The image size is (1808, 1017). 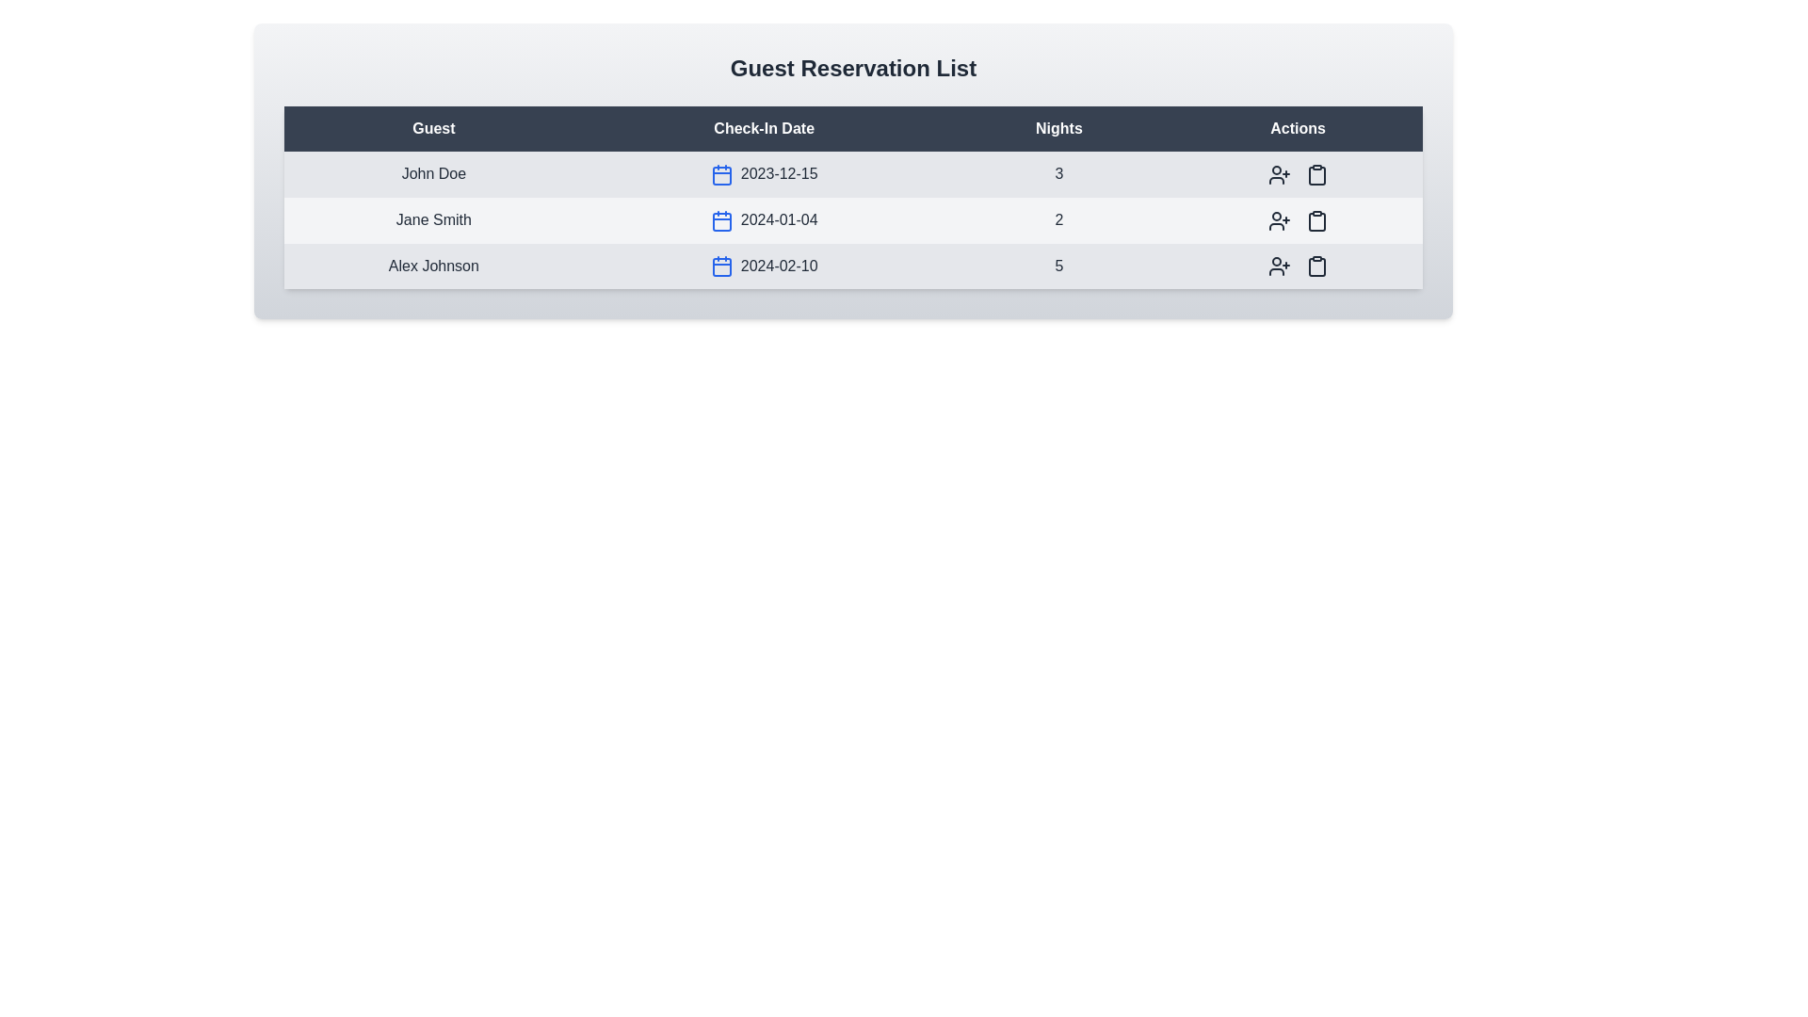 I want to click on the second icon from the left in the 'Actions' column of the last row of the table, which is used for copying reservation details, so click(x=1316, y=267).